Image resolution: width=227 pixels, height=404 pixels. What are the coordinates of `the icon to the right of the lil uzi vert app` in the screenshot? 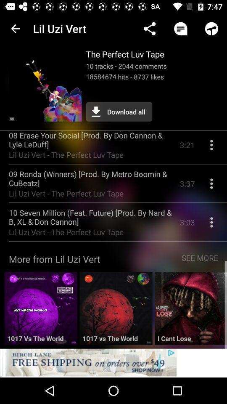 It's located at (149, 29).